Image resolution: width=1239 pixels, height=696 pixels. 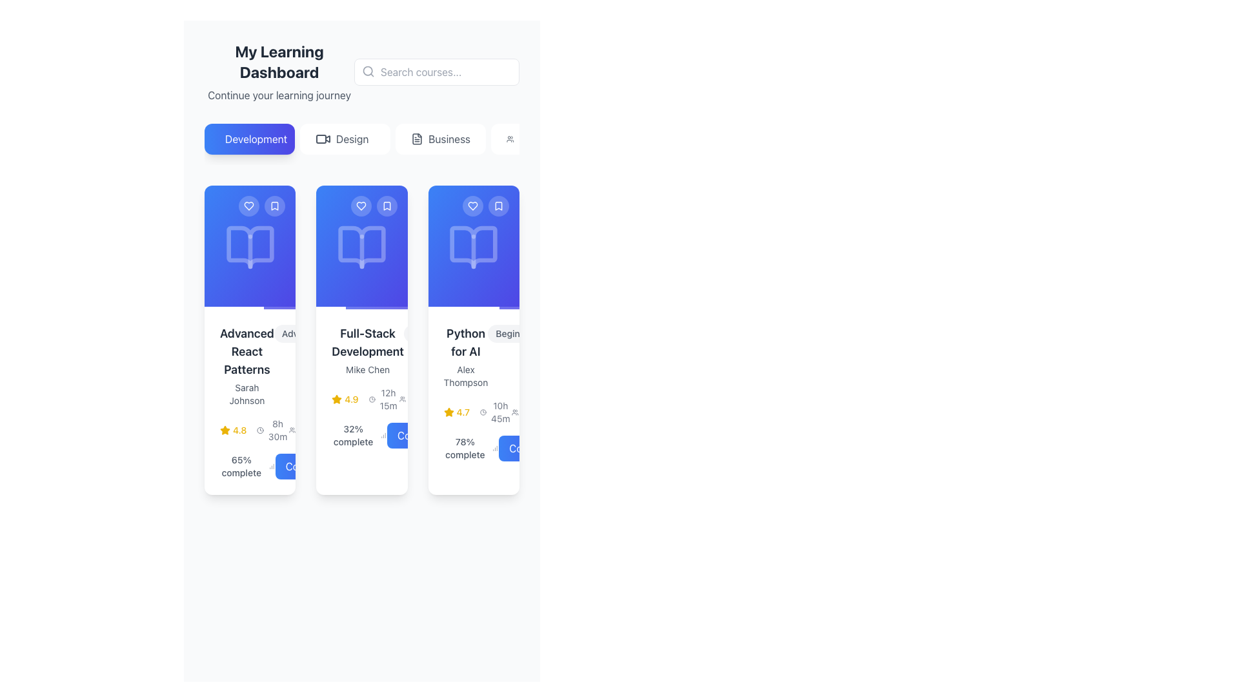 I want to click on the magnifying glass icon representing the search function, located inside the search input field at the top-right of the dashboard interface, so click(x=368, y=72).